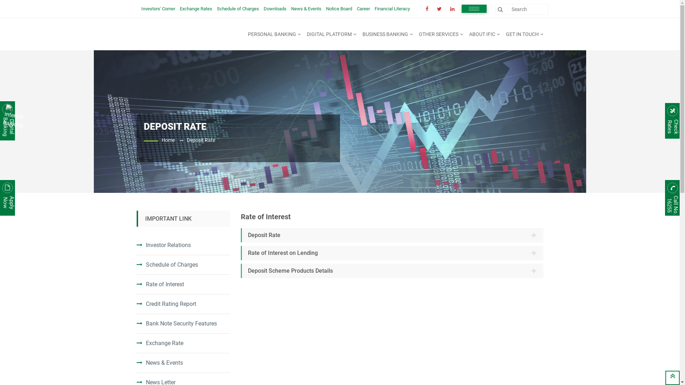 The image size is (685, 385). I want to click on 'Investor Relations', so click(163, 245).